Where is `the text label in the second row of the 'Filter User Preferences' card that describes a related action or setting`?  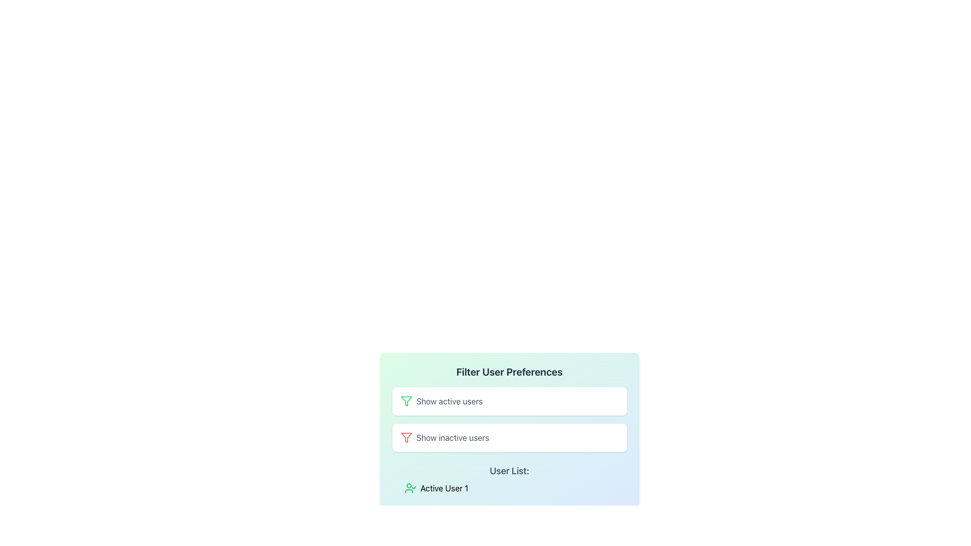
the text label in the second row of the 'Filter User Preferences' card that describes a related action or setting is located at coordinates (452, 437).